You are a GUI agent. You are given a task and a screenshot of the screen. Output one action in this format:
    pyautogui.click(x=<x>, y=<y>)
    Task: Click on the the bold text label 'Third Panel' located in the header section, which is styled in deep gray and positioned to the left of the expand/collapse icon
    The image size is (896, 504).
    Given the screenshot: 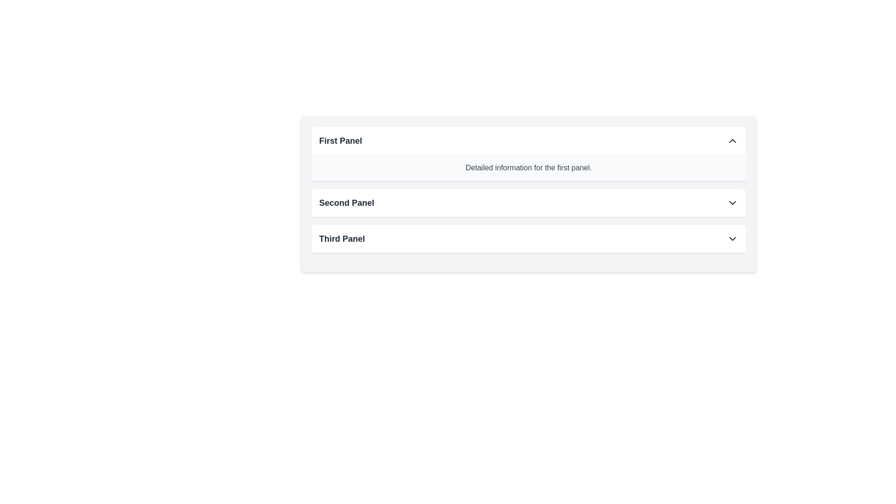 What is the action you would take?
    pyautogui.click(x=342, y=238)
    